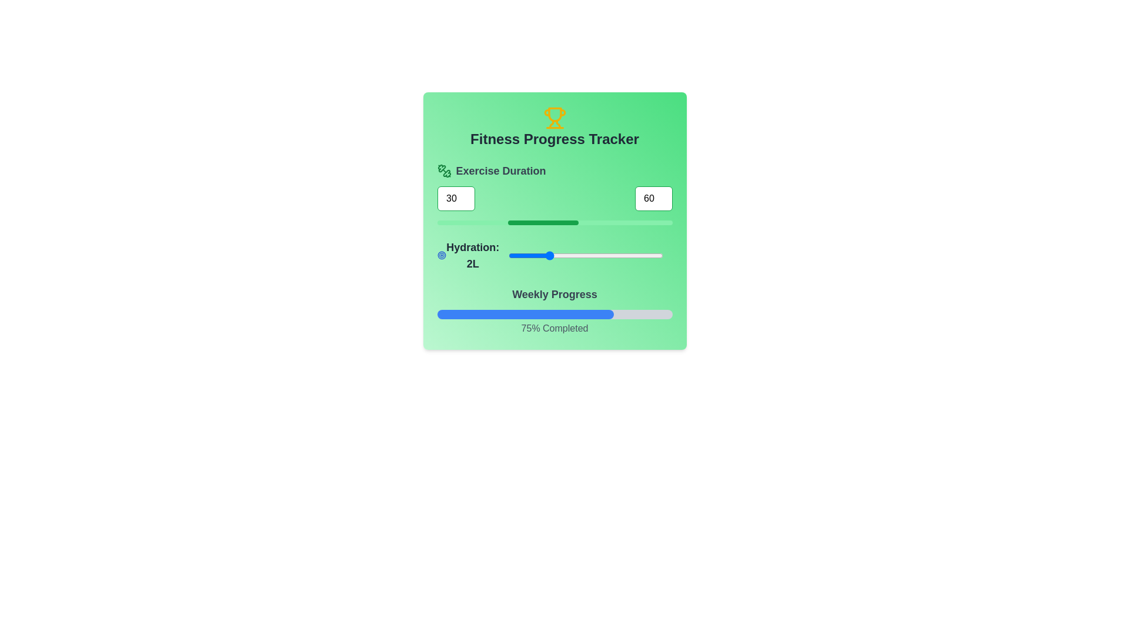  Describe the element at coordinates (455, 198) in the screenshot. I see `the Number input field styled with a green border and rounded corners, which contains the numeral value '30'` at that location.